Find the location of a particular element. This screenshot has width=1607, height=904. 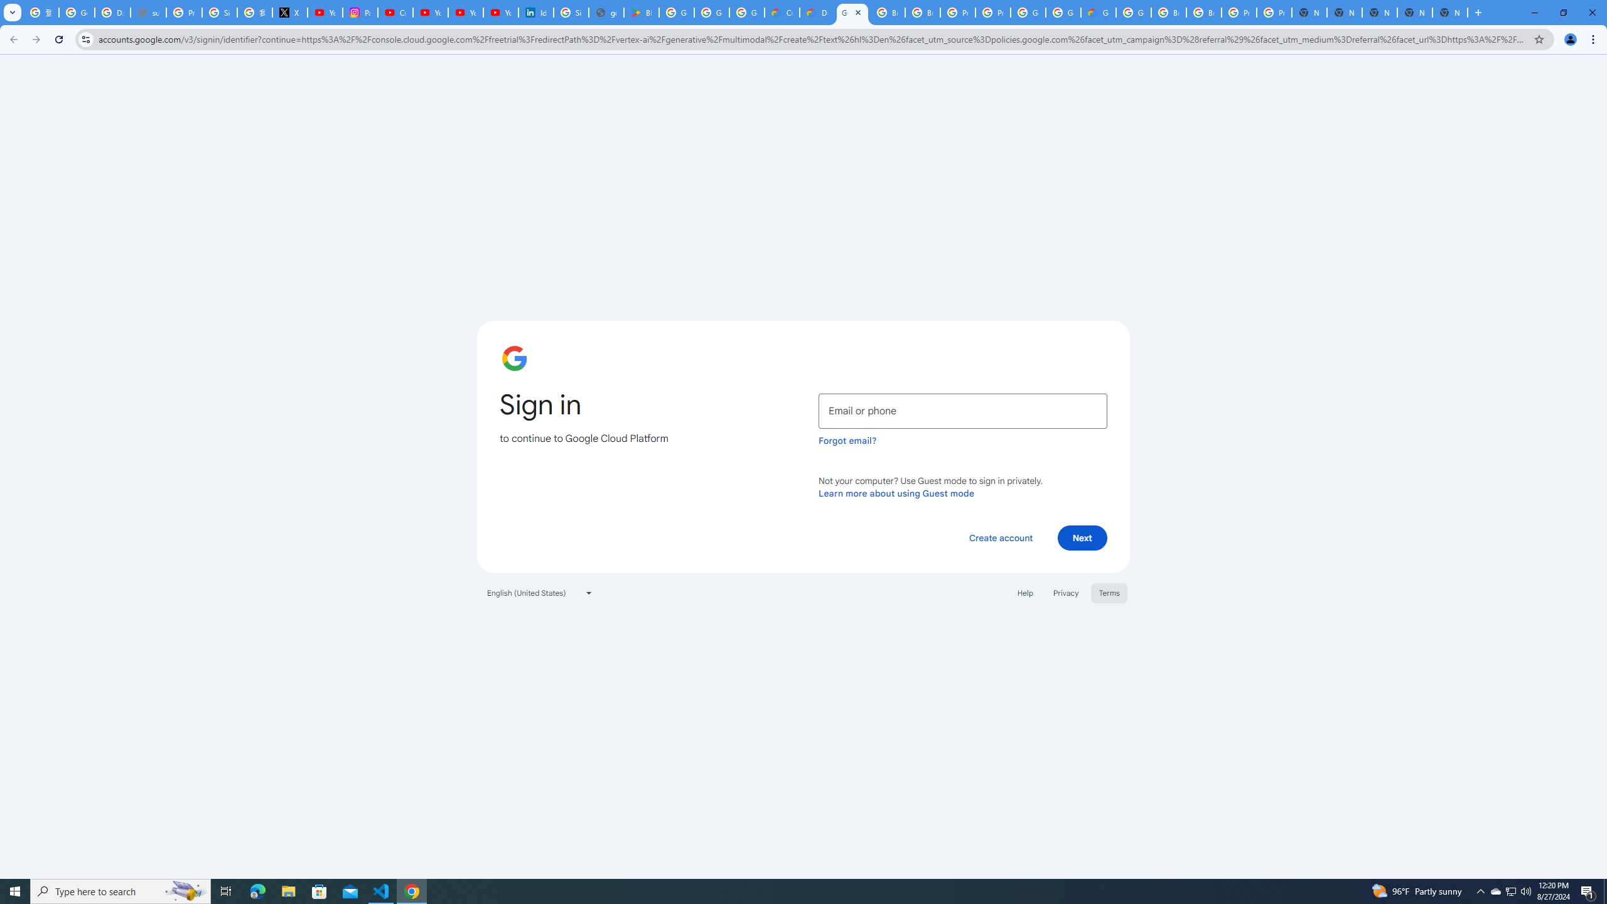

'Email or phone' is located at coordinates (962, 411).